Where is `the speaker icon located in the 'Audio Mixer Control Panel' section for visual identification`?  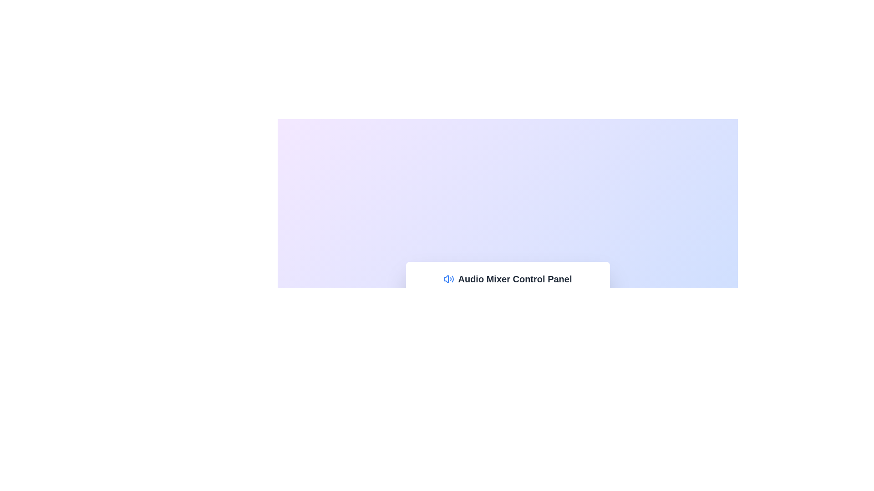 the speaker icon located in the 'Audio Mixer Control Panel' section for visual identification is located at coordinates (449, 278).